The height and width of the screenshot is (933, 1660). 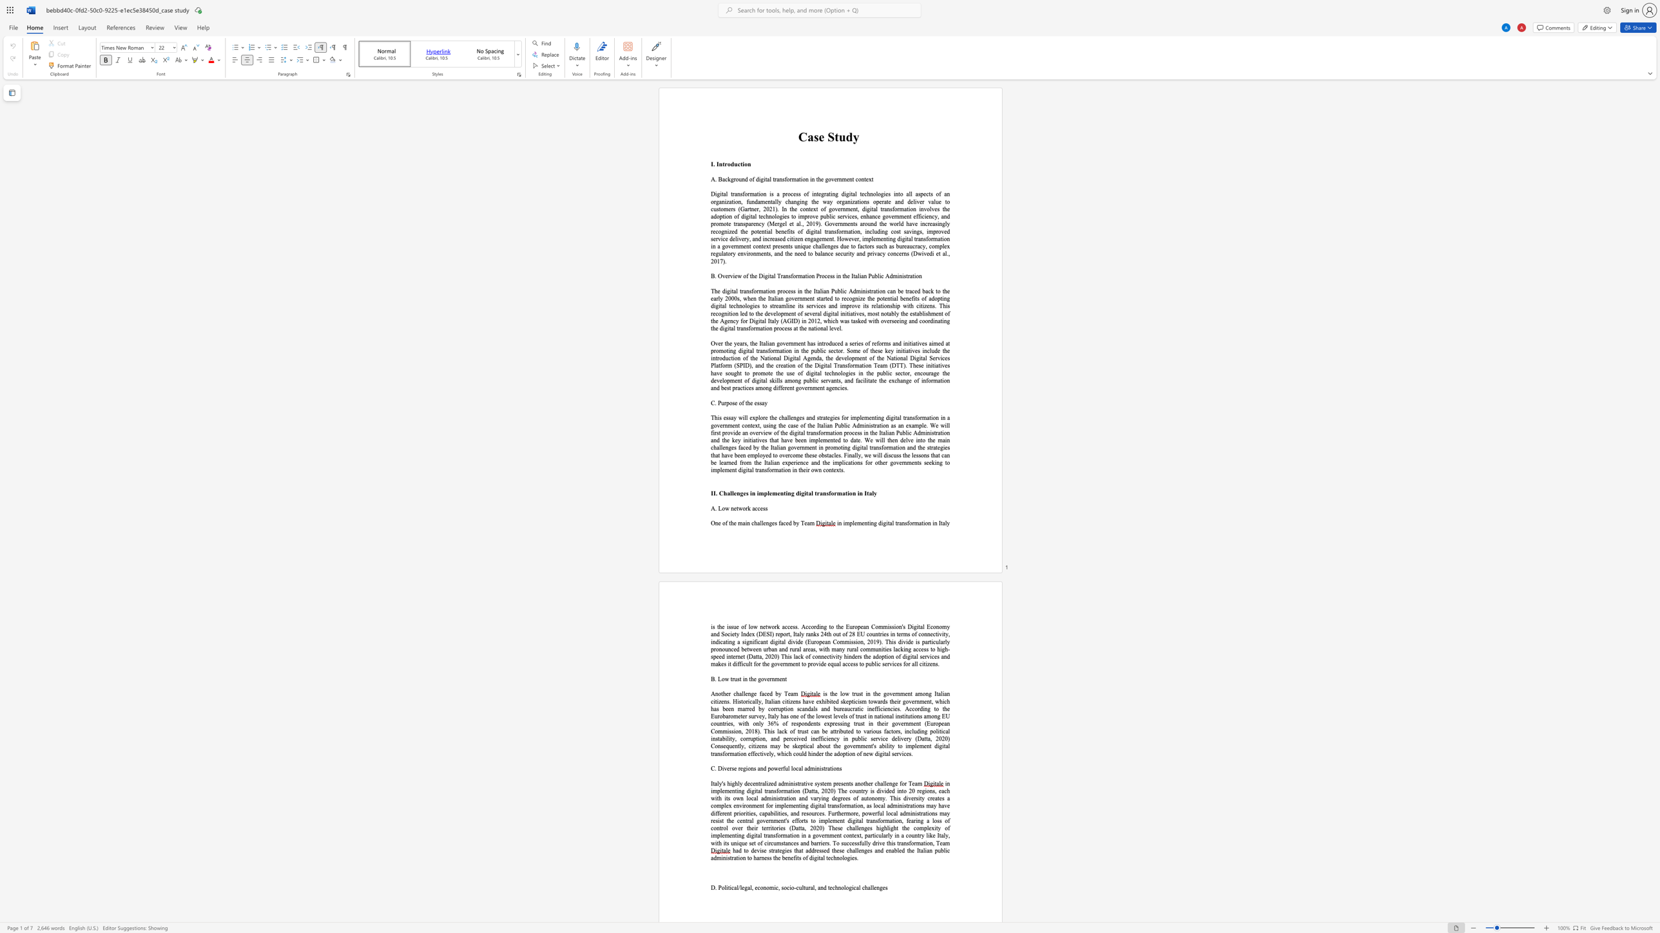 What do you see at coordinates (838, 730) in the screenshot?
I see `the subset text "ib" within the text "tributed to"` at bounding box center [838, 730].